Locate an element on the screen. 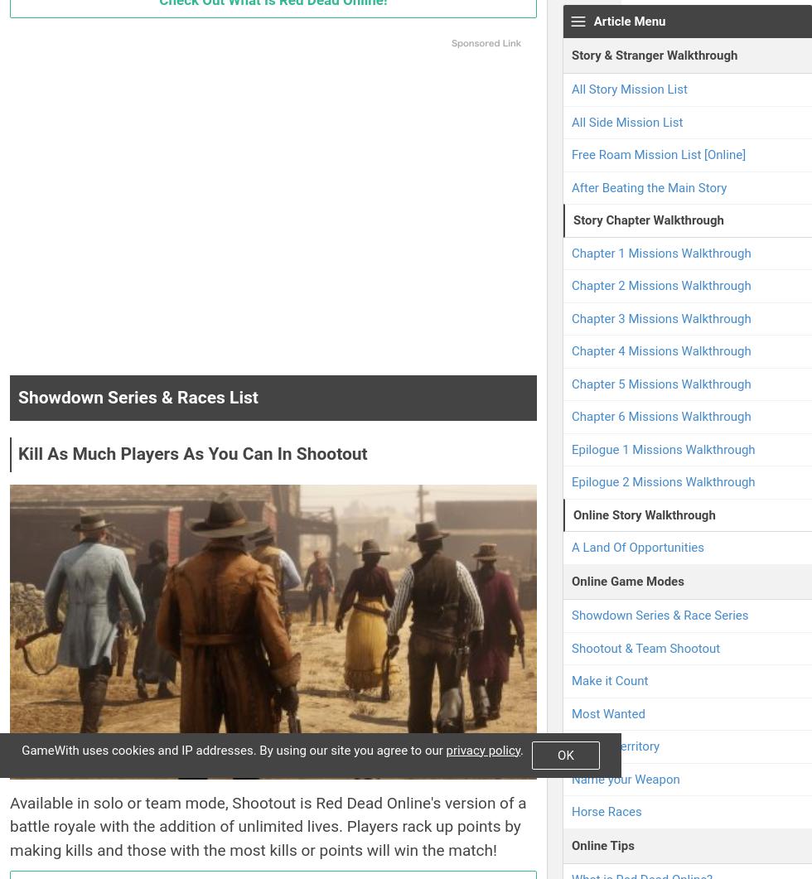 Image resolution: width=812 pixels, height=879 pixels. 'Free Roam Mission List [Online]' is located at coordinates (658, 153).